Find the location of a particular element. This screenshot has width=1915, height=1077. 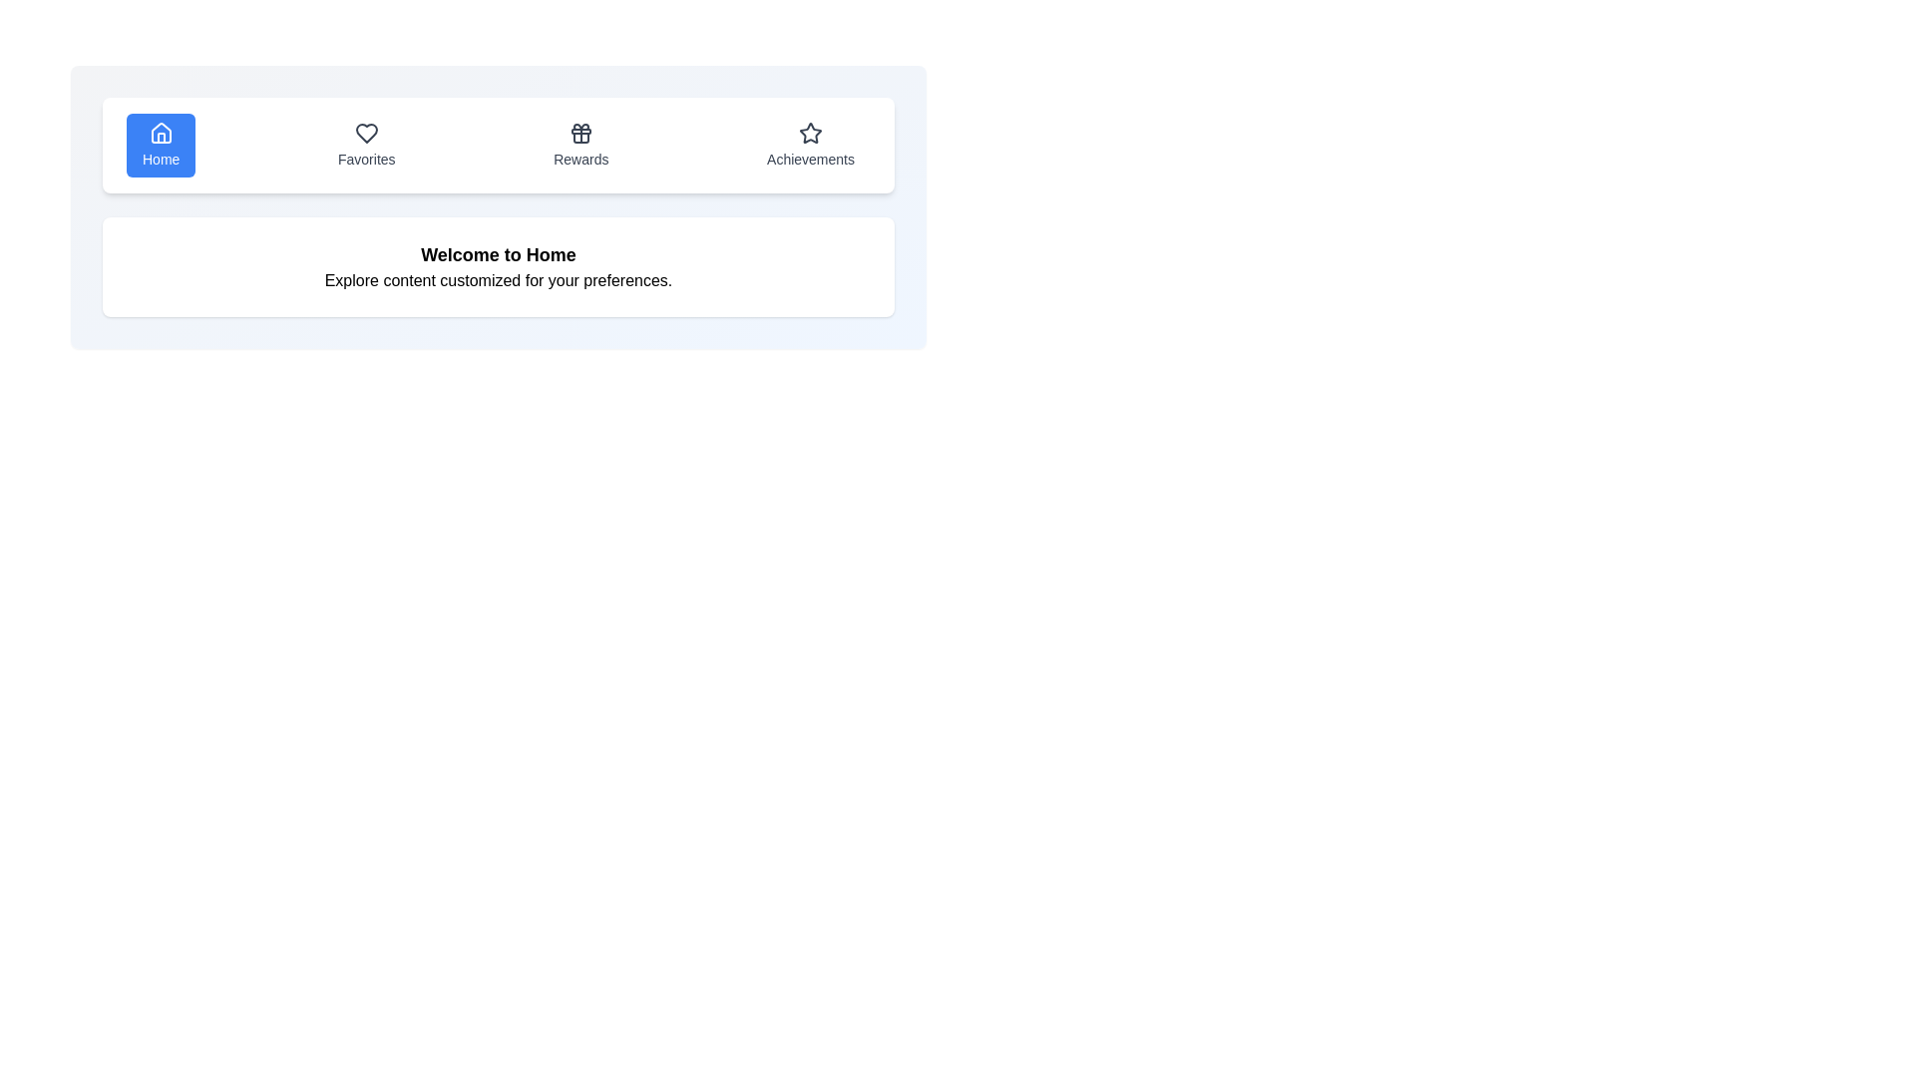

the 'Achievements' button, which is the fourth button in the navigation bar featuring a star icon above the label 'Achievements' is located at coordinates (811, 145).